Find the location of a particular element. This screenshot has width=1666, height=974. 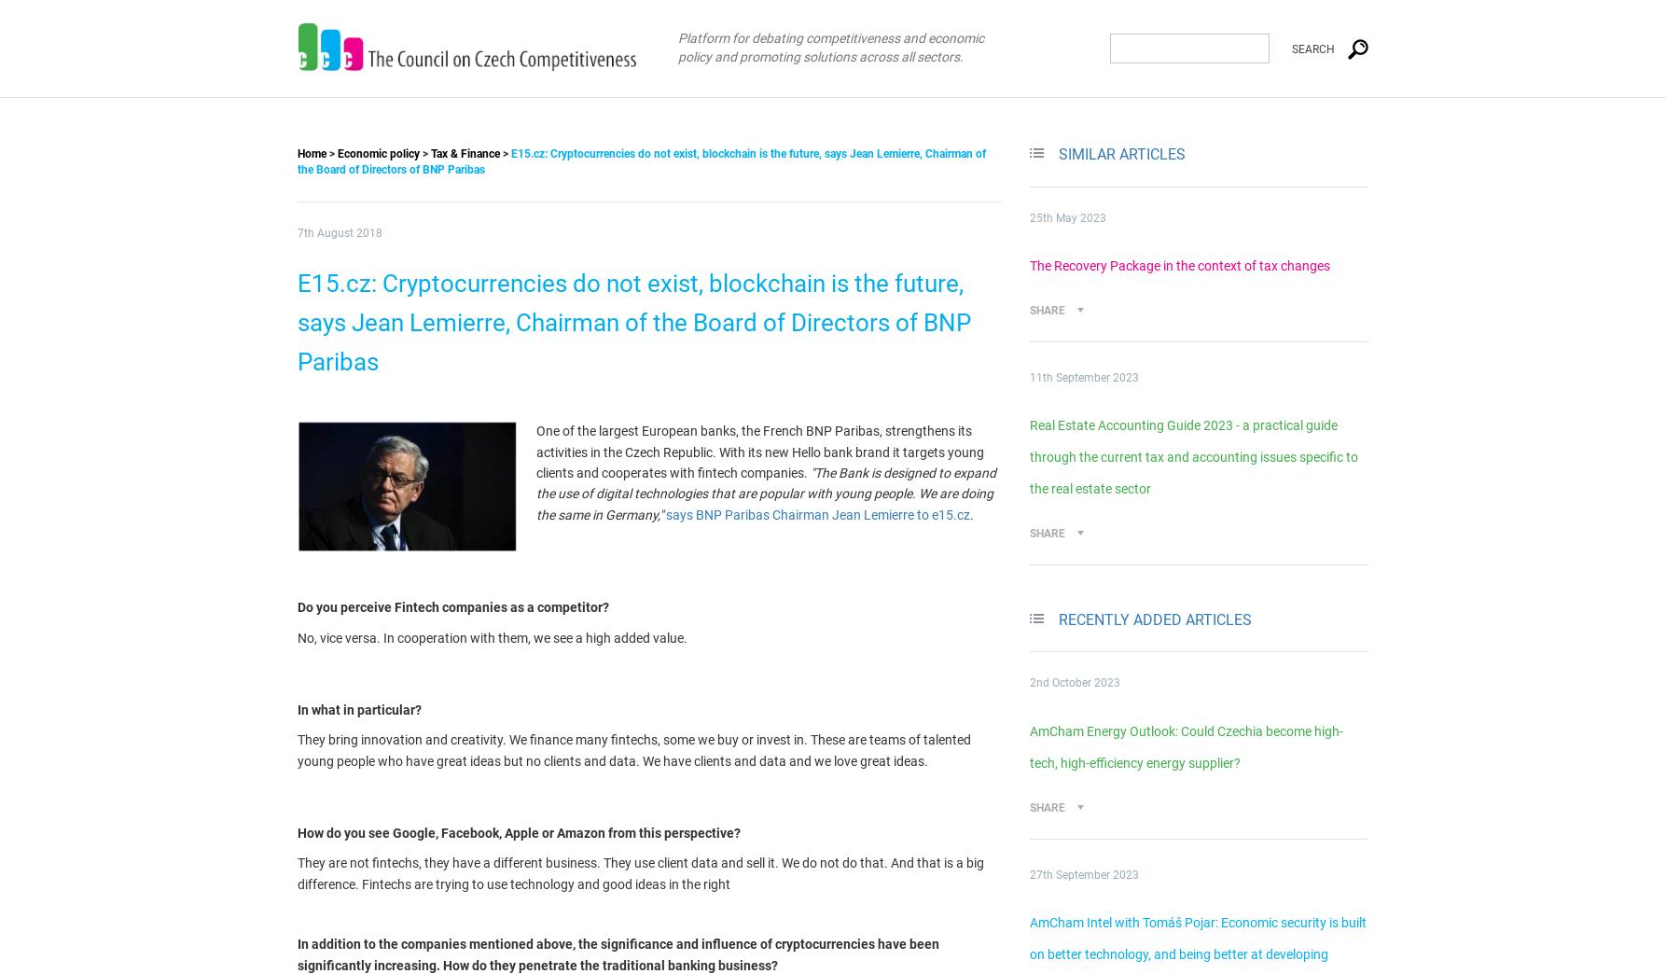

'25th May 2023' is located at coordinates (1067, 217).